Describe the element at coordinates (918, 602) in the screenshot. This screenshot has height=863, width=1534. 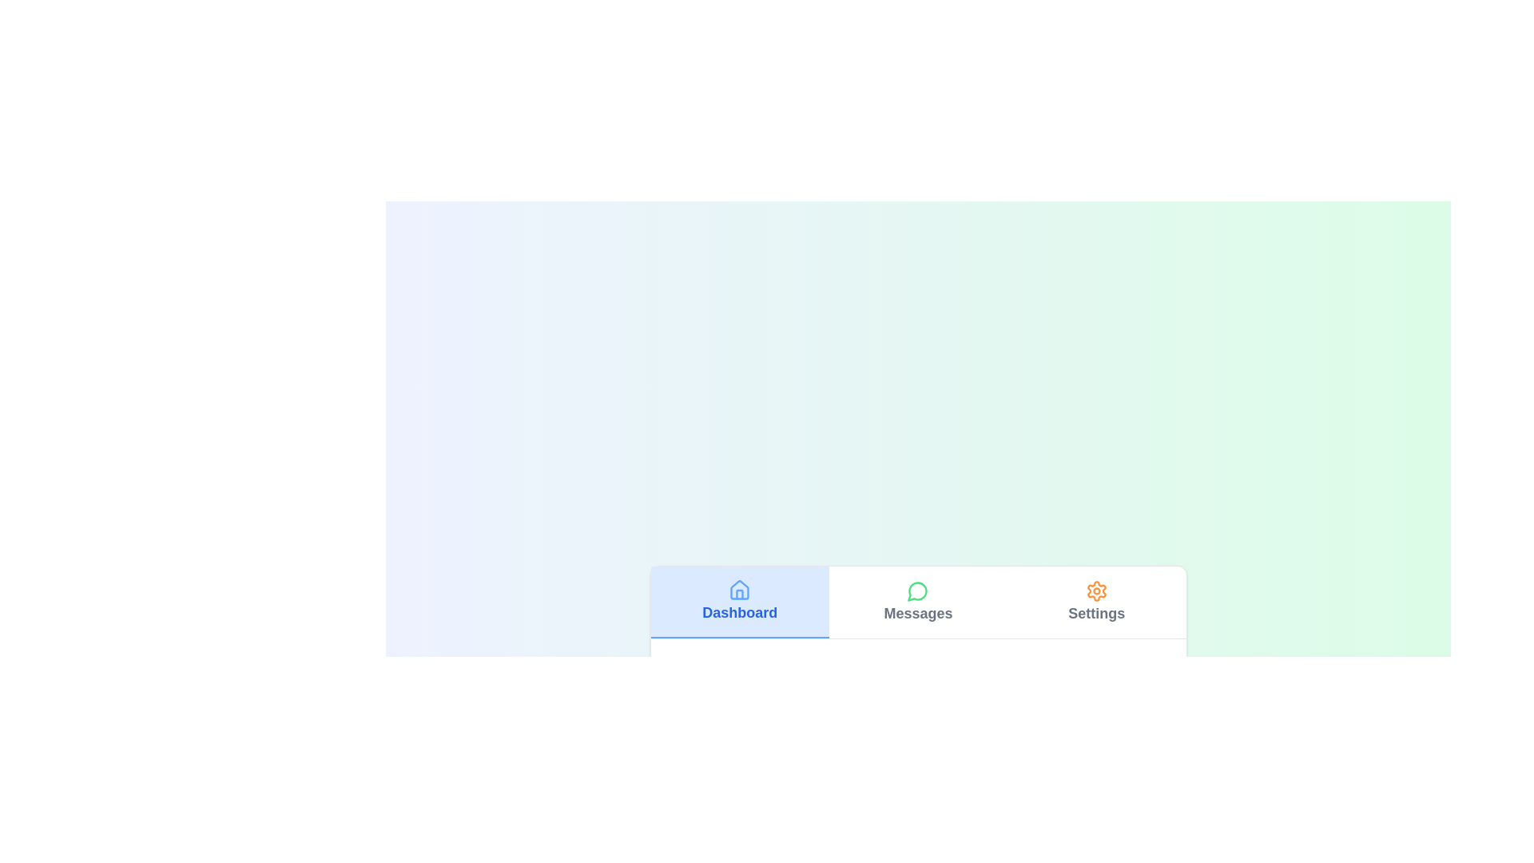
I see `the tab labeled Messages to view its content` at that location.